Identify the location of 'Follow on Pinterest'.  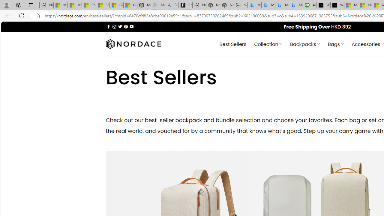
(125, 26).